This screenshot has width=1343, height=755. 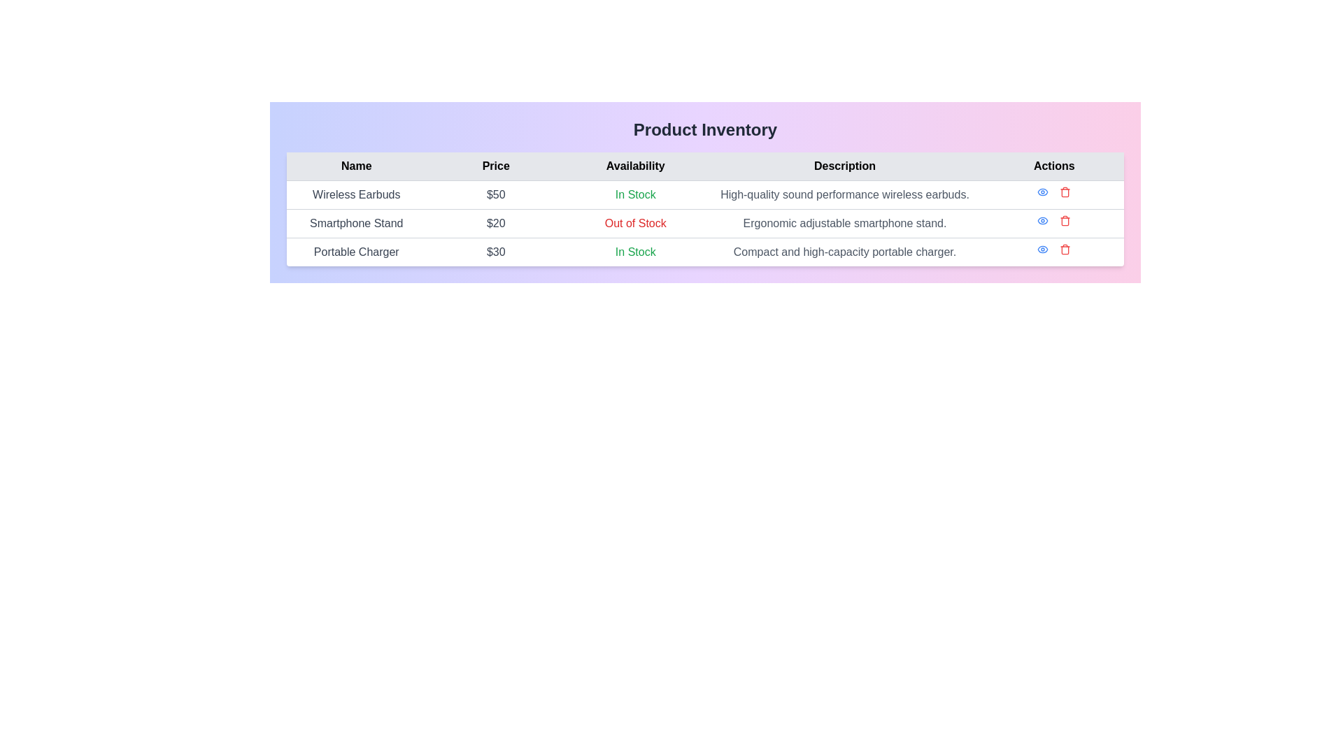 What do you see at coordinates (634, 222) in the screenshot?
I see `the text label indicating that the 'Smartphone Stand' is not currently available for purchase, located in the 'Availability' column of the second row in the table` at bounding box center [634, 222].